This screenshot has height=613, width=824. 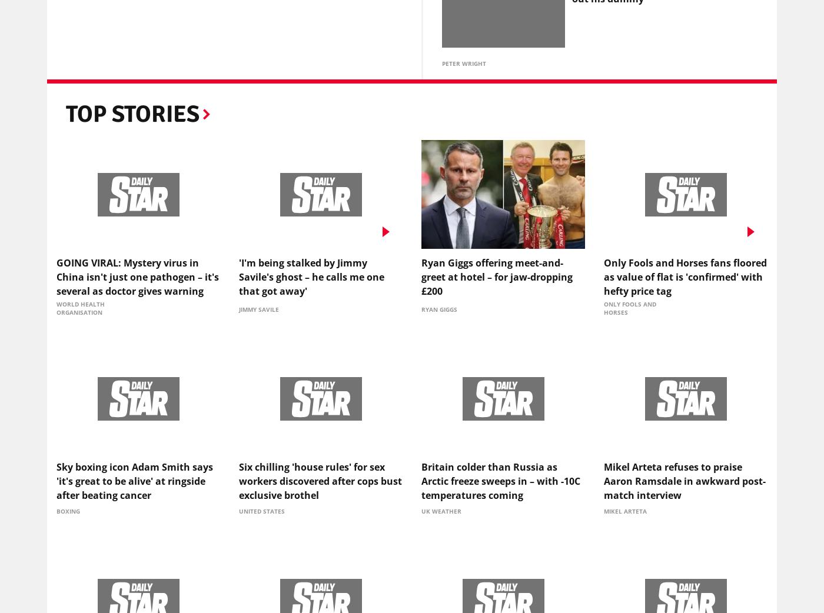 I want to click on 'Aston Villa FC', so click(x=218, y=94).